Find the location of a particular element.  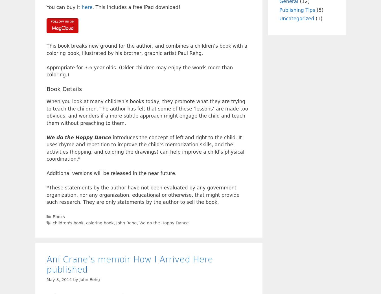

'May 3, 2014' is located at coordinates (59, 279).